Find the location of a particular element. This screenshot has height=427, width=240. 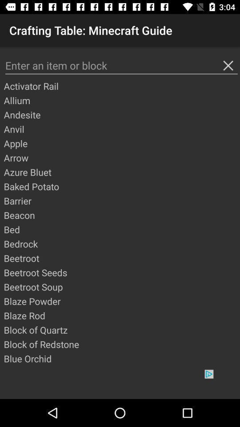

the icon above beetroot soup is located at coordinates (121, 272).